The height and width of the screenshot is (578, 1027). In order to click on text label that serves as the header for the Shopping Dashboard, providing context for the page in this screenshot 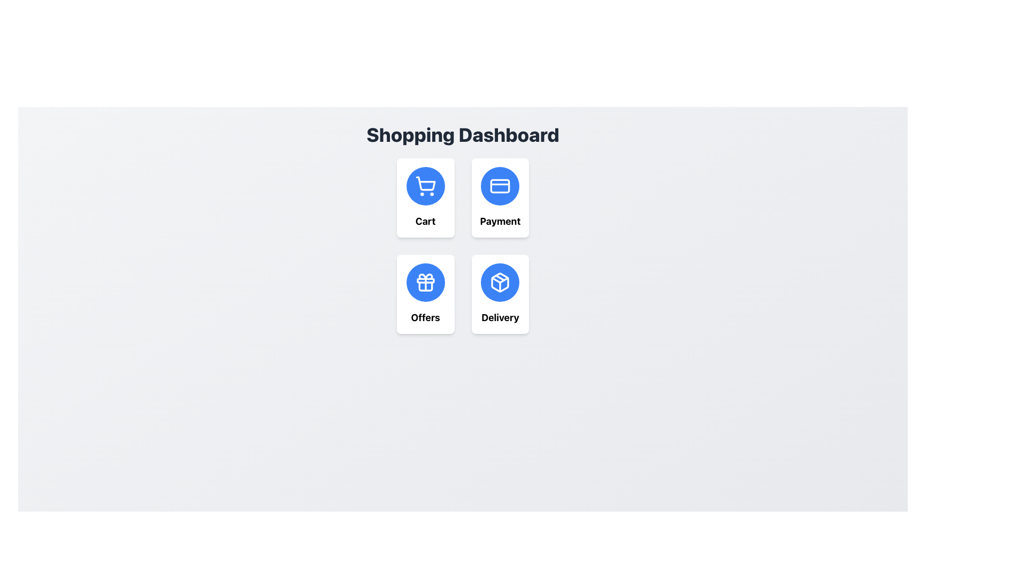, I will do `click(463, 134)`.